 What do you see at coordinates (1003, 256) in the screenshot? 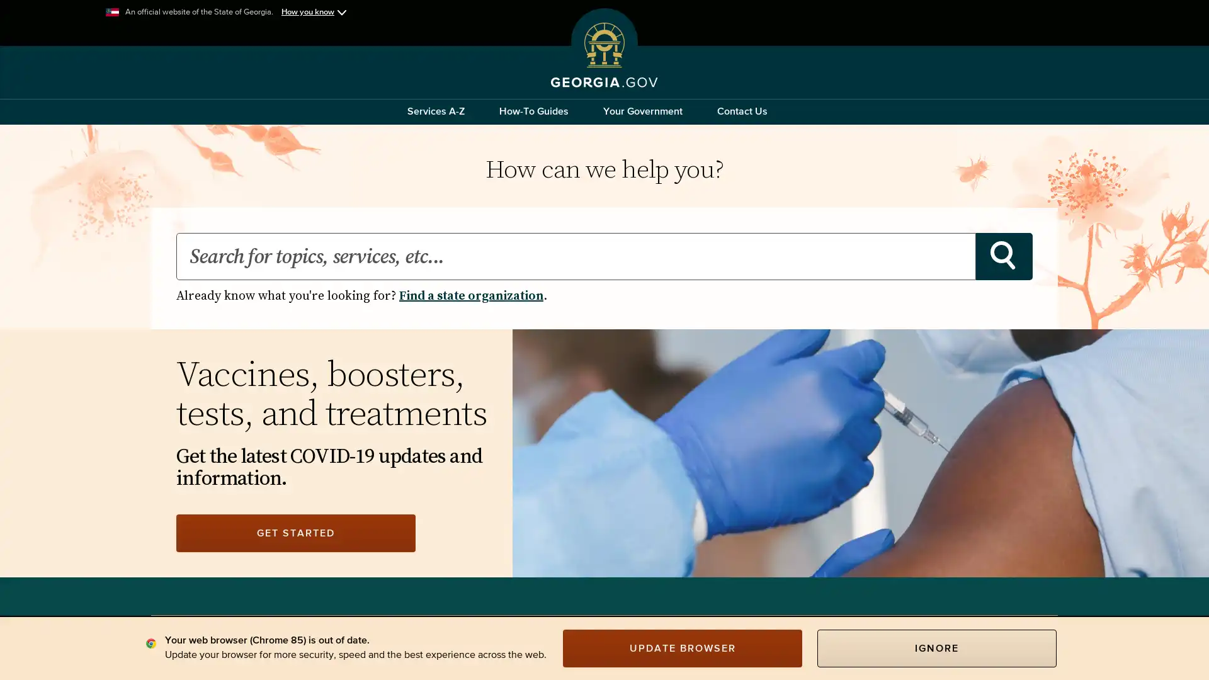
I see `Search` at bounding box center [1003, 256].